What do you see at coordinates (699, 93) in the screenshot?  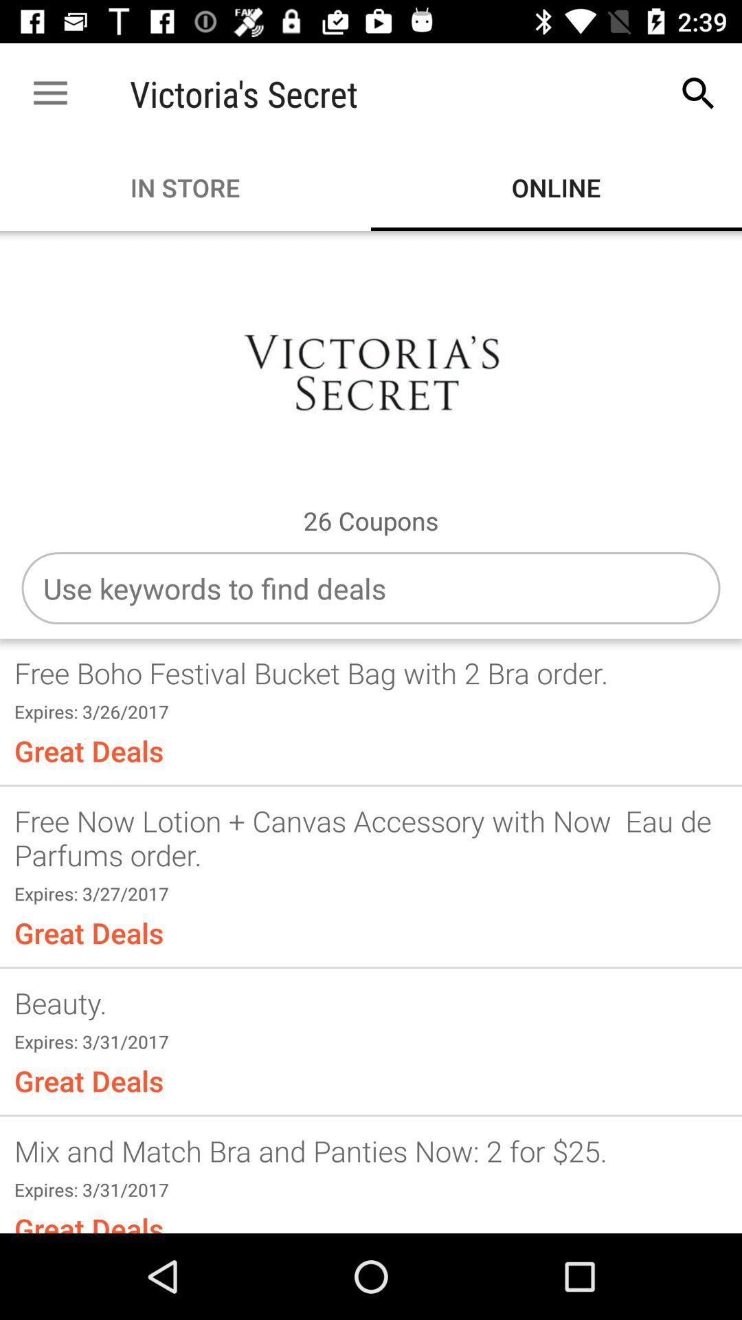 I see `the item to the right of victoria's secret  icon` at bounding box center [699, 93].